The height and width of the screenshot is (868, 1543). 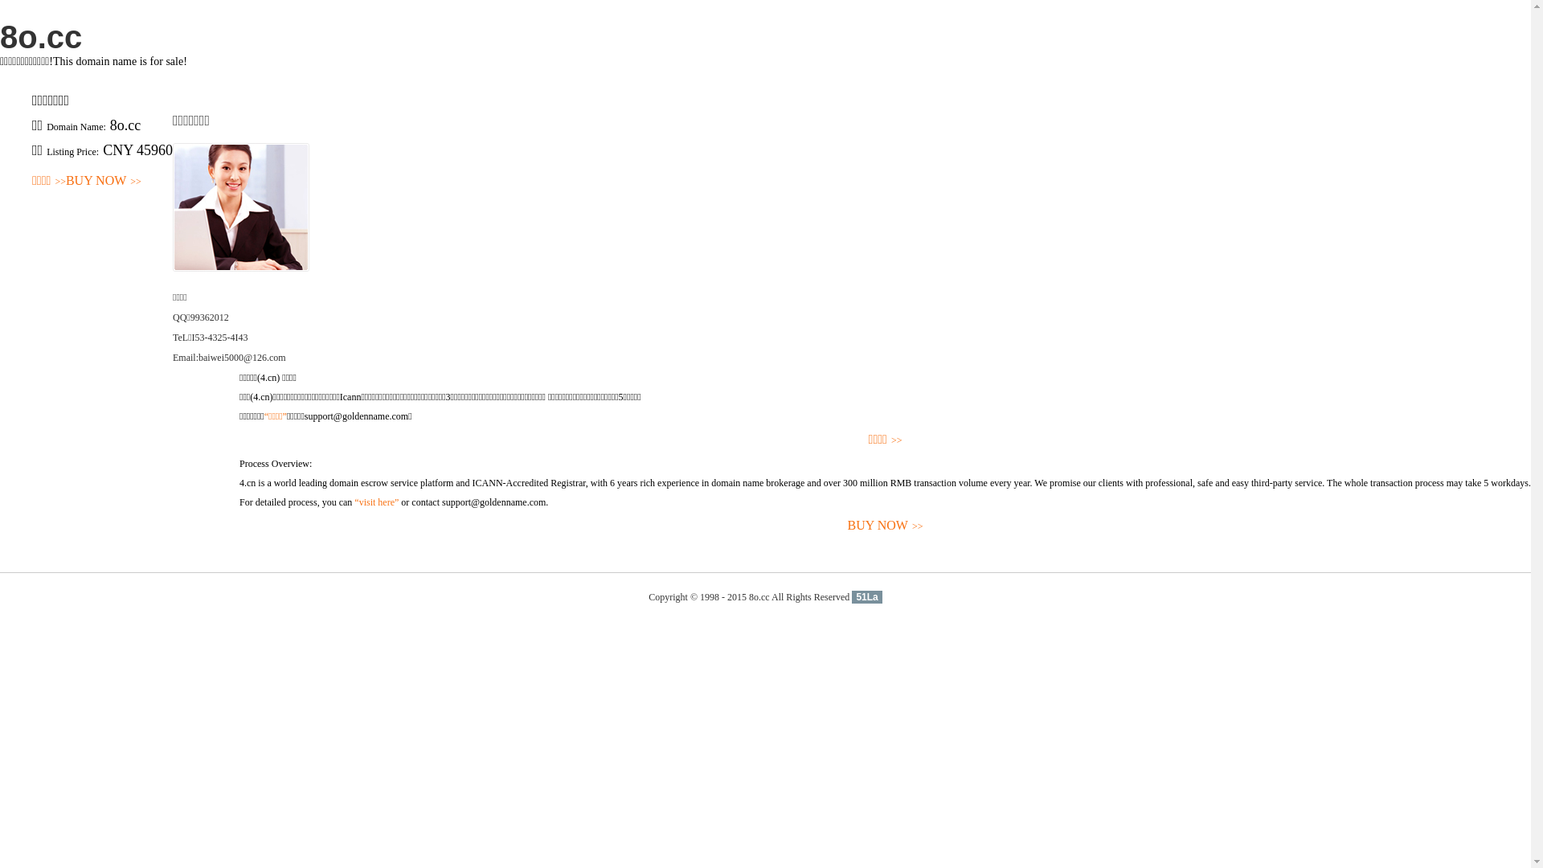 What do you see at coordinates (103, 181) in the screenshot?
I see `'BUY NOW>>'` at bounding box center [103, 181].